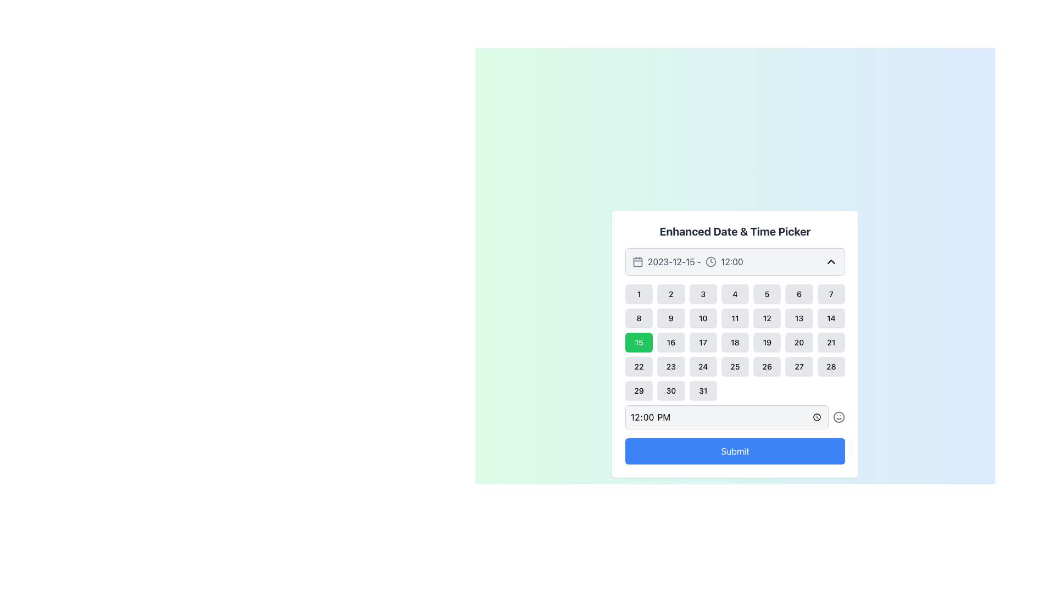 The width and height of the screenshot is (1055, 593). Describe the element at coordinates (838, 417) in the screenshot. I see `the circular SVG graphic representing part of a smiley face icon located near the bottom-right of the date and time picker` at that location.